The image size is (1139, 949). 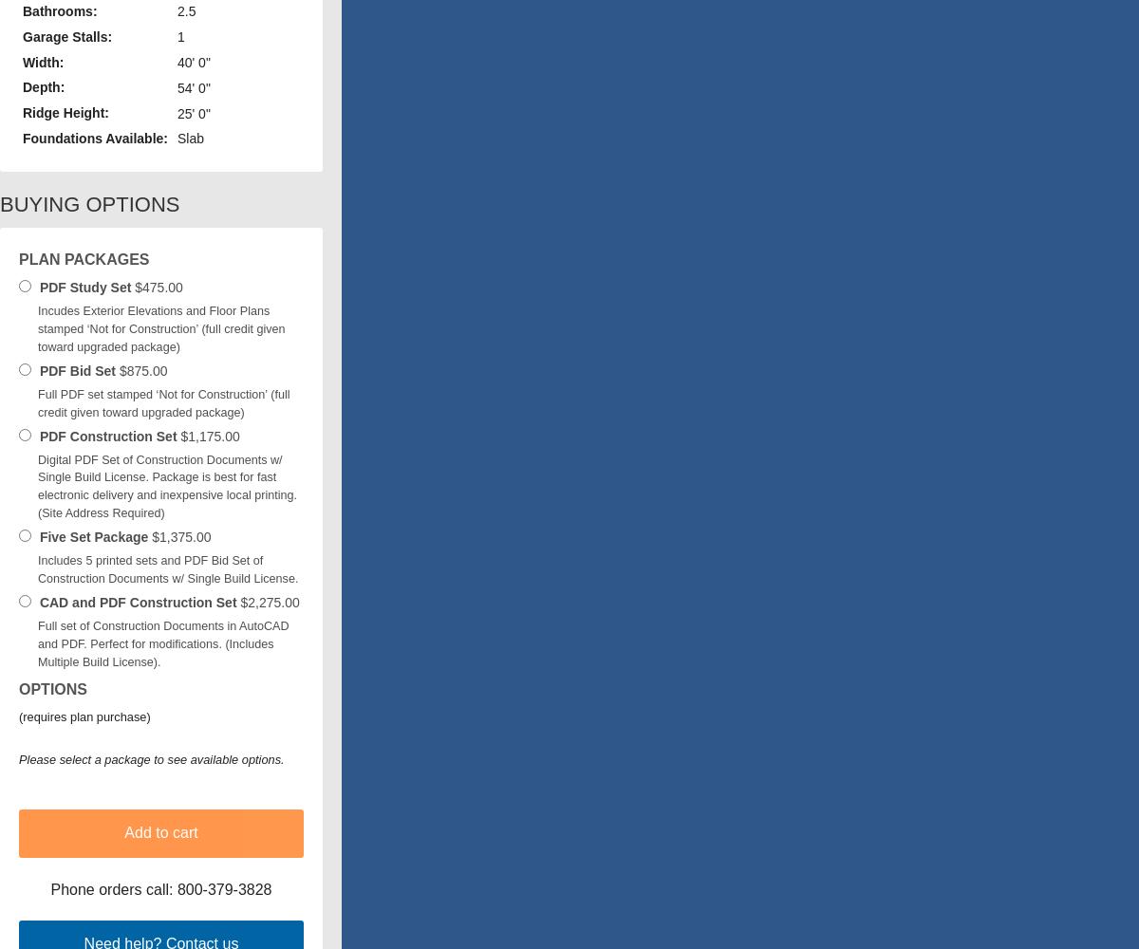 What do you see at coordinates (60, 10) in the screenshot?
I see `'Bathrooms:'` at bounding box center [60, 10].